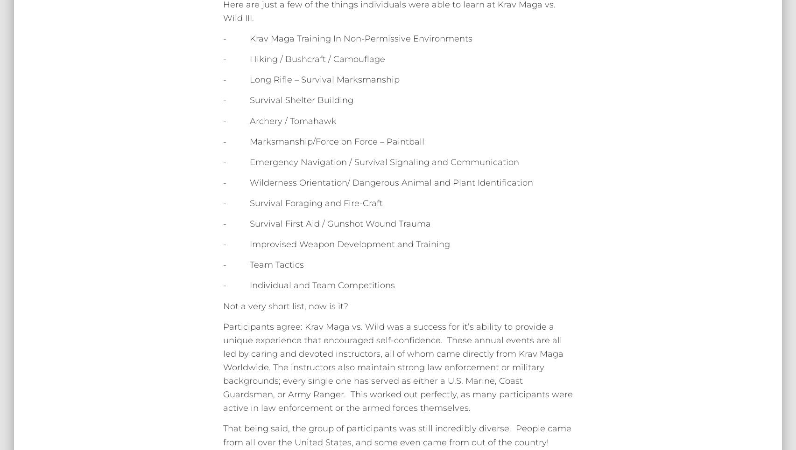 This screenshot has width=796, height=450. Describe the element at coordinates (285, 306) in the screenshot. I see `'Not a very short list, now is it?'` at that location.